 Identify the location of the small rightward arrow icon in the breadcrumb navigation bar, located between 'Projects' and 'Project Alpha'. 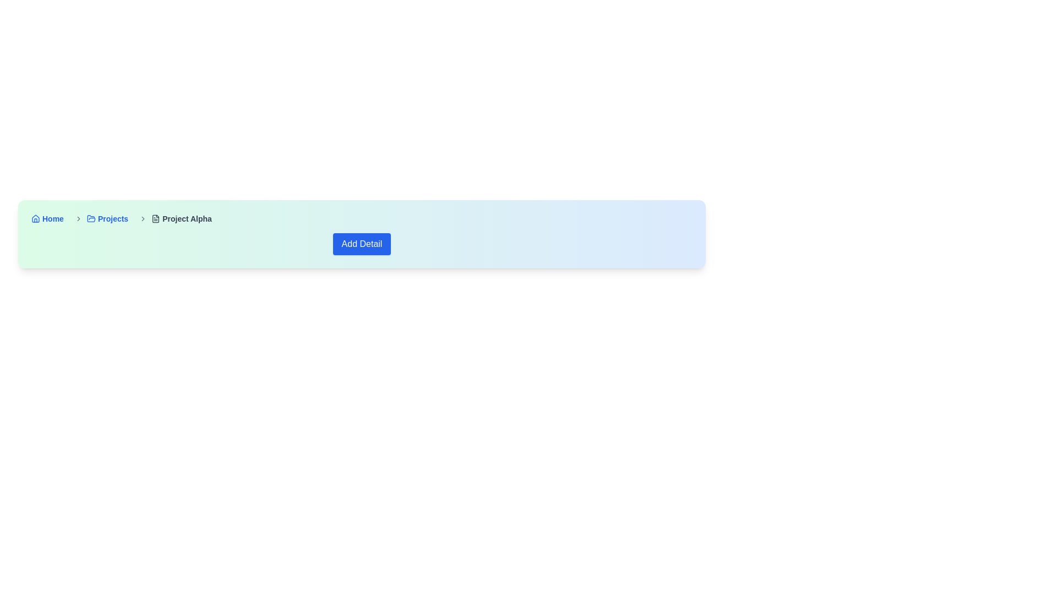
(143, 218).